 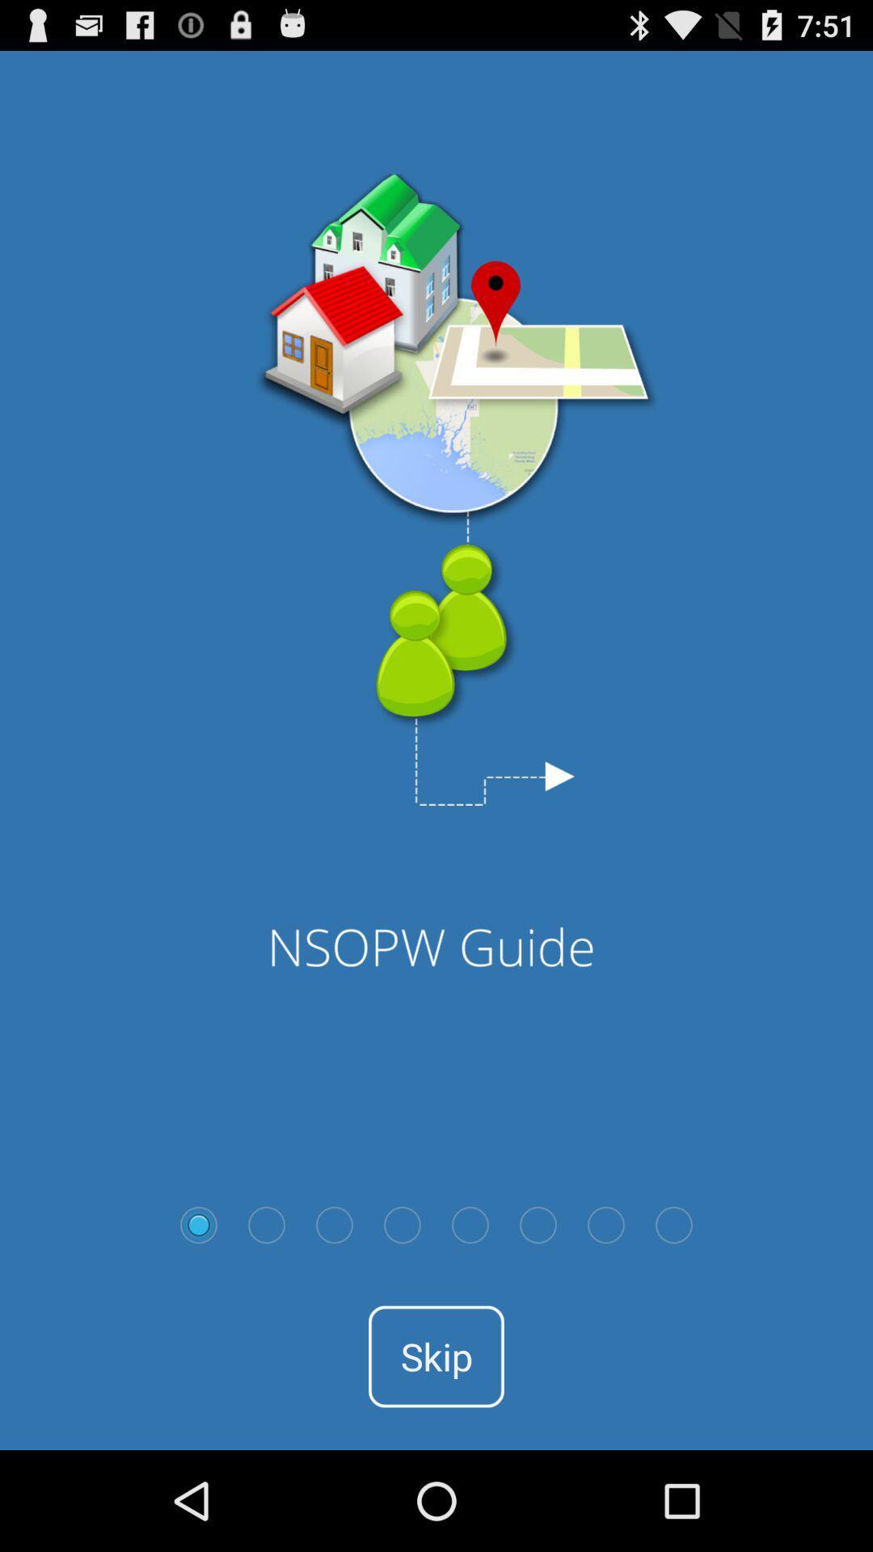 What do you see at coordinates (266, 1225) in the screenshot?
I see `takes me to the next page` at bounding box center [266, 1225].